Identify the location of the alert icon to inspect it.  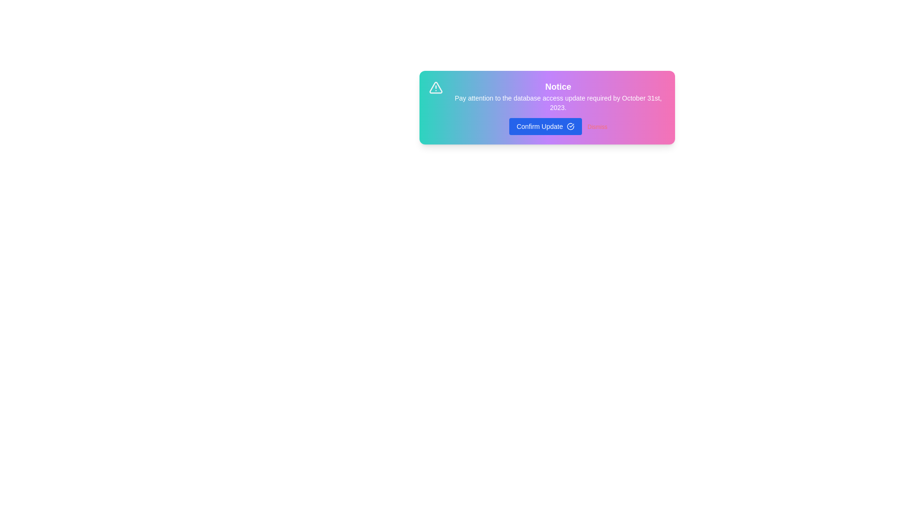
(435, 87).